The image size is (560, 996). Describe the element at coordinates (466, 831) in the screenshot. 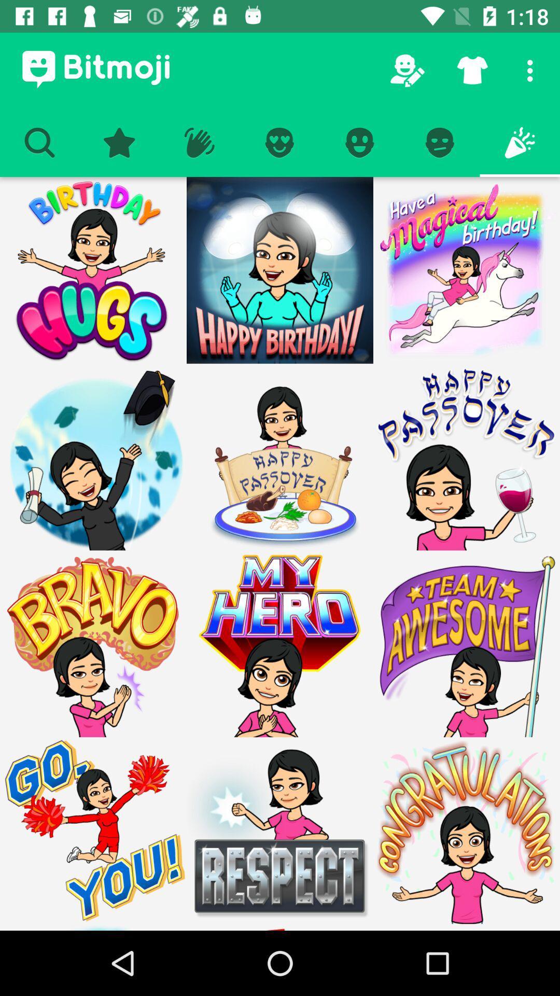

I see `congratulations image` at that location.